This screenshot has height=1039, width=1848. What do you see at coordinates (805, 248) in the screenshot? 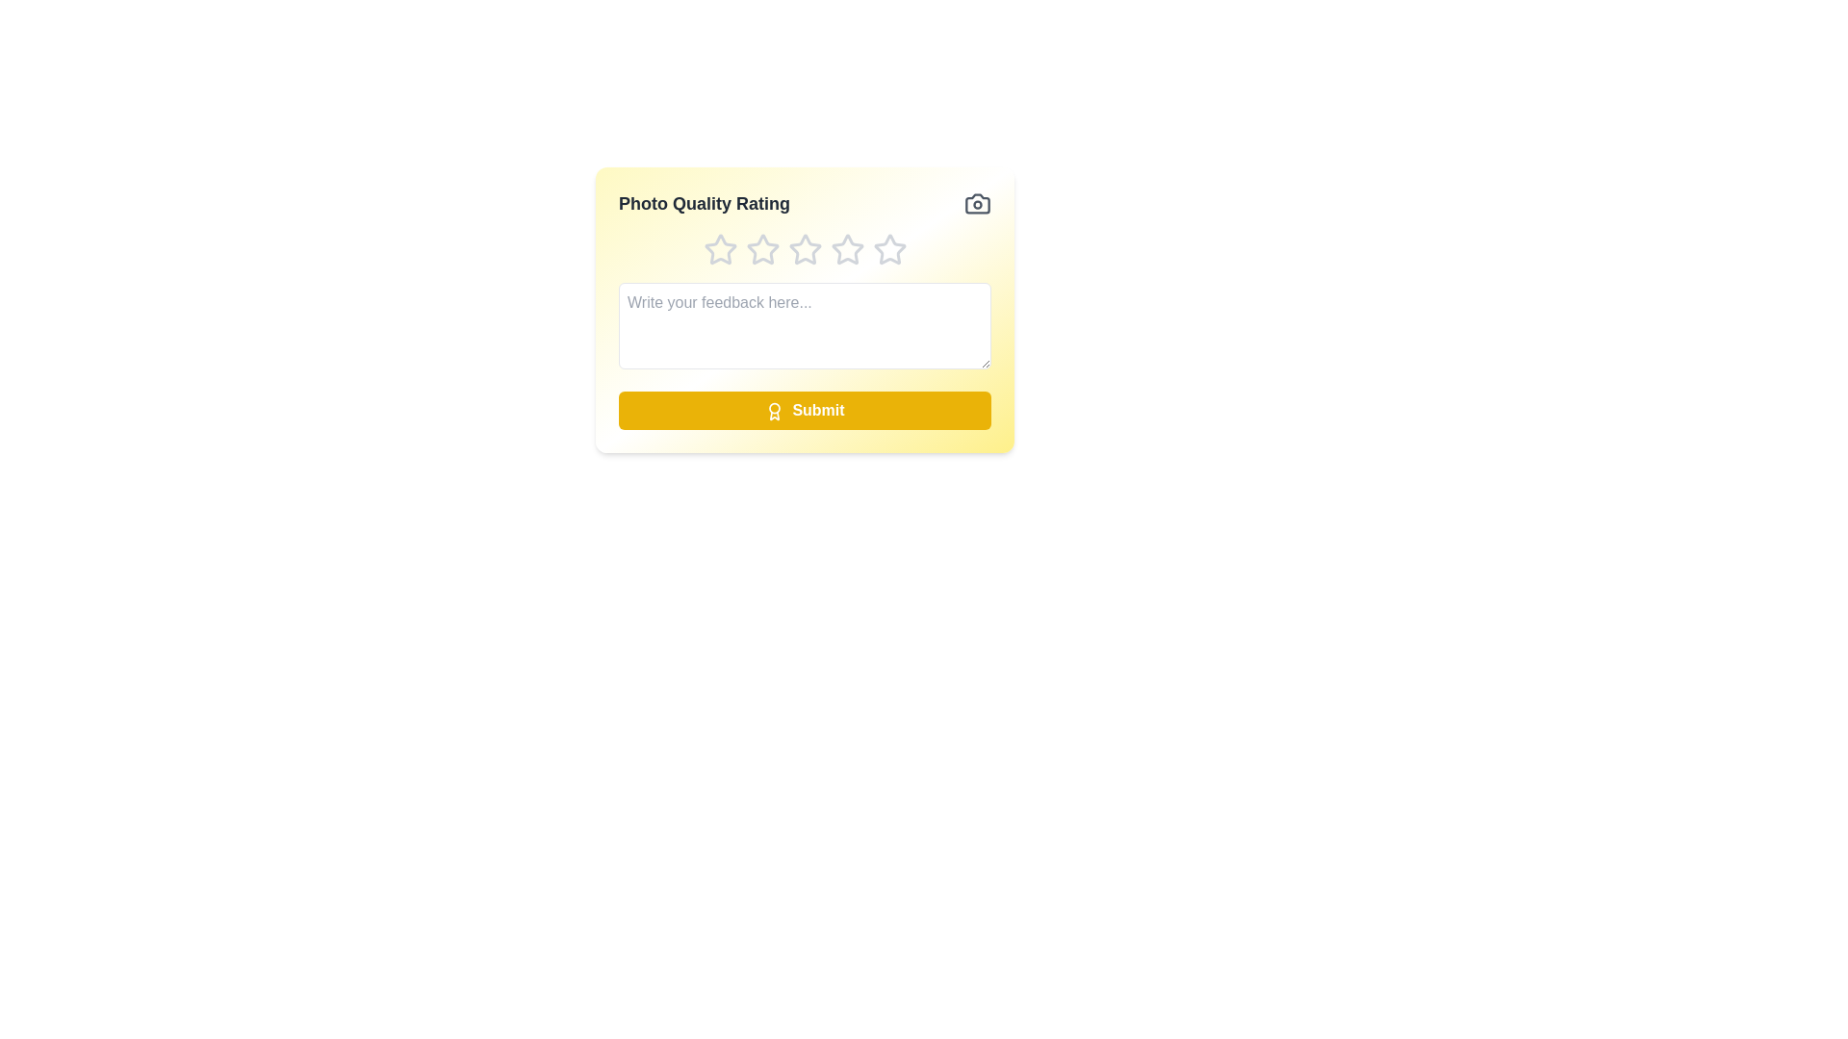
I see `the star corresponding to the rating 3` at bounding box center [805, 248].